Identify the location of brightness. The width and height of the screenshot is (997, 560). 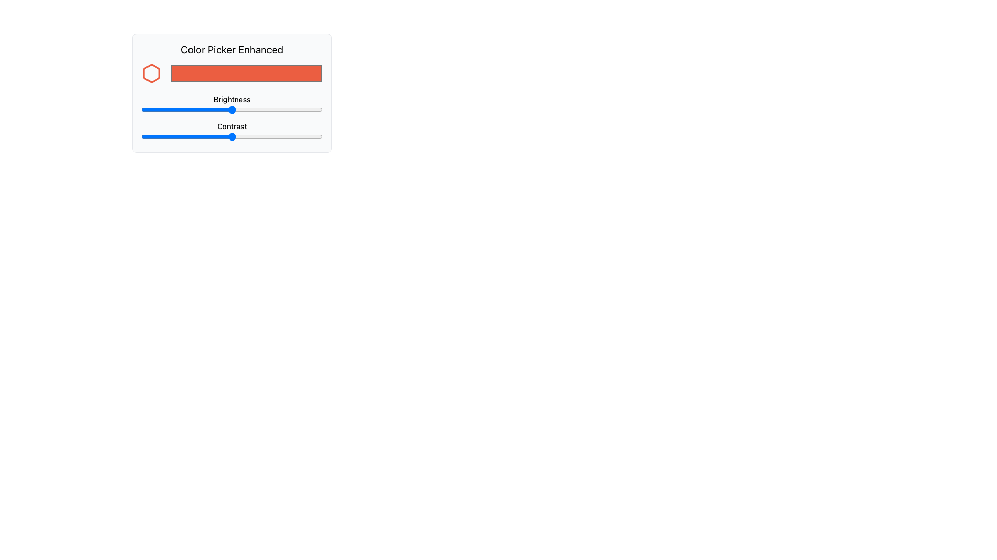
(162, 110).